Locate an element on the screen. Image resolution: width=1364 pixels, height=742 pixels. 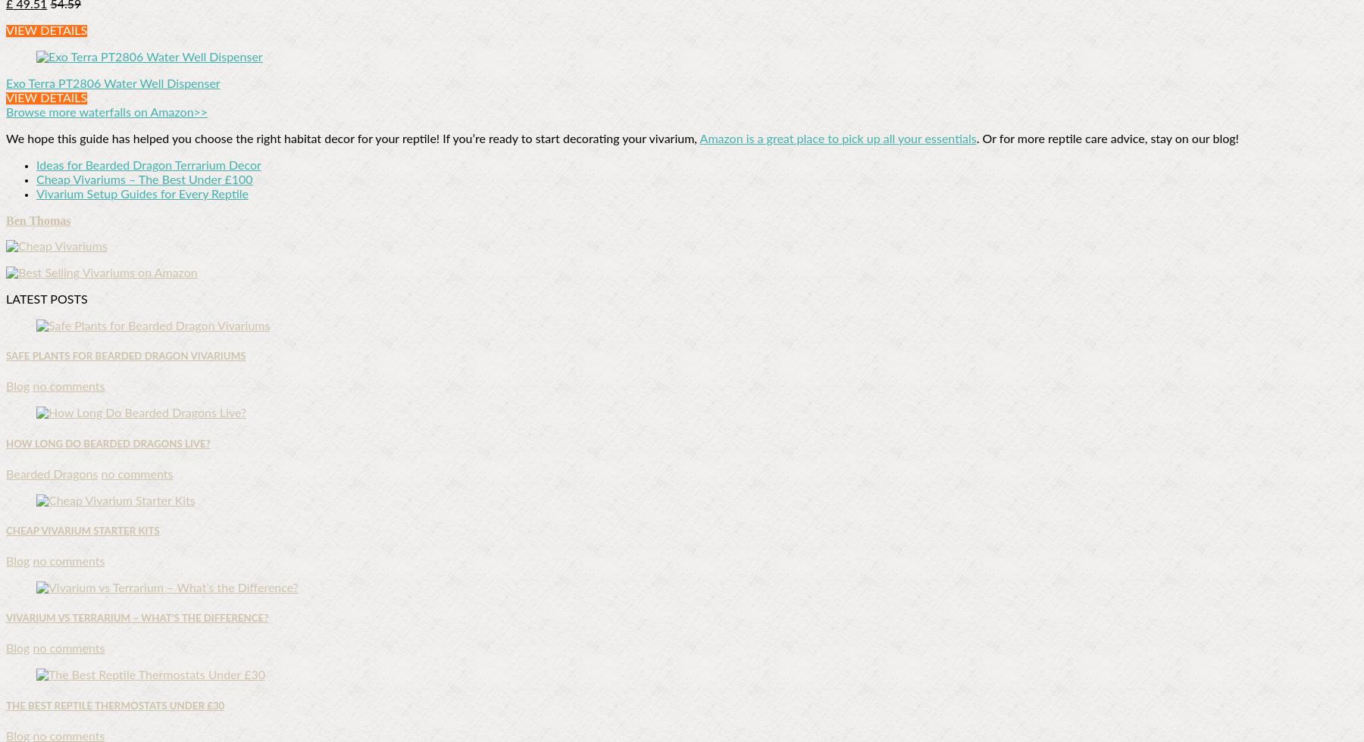
'Cheap Vivarium Starter Kits' is located at coordinates (82, 530).